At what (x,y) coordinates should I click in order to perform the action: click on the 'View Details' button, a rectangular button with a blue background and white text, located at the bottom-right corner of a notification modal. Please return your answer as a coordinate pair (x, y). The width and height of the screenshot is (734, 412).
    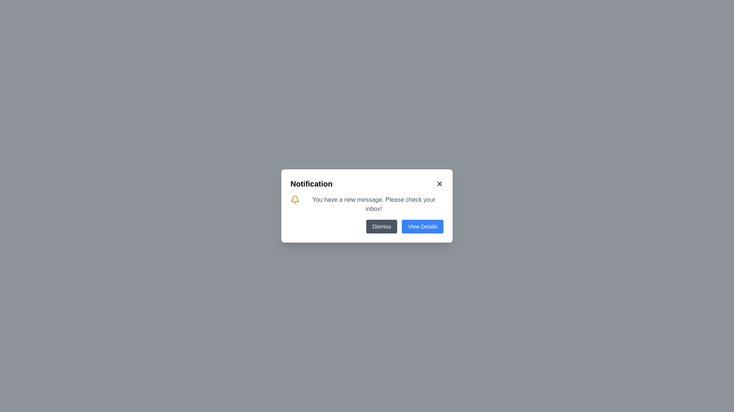
    Looking at the image, I should click on (422, 226).